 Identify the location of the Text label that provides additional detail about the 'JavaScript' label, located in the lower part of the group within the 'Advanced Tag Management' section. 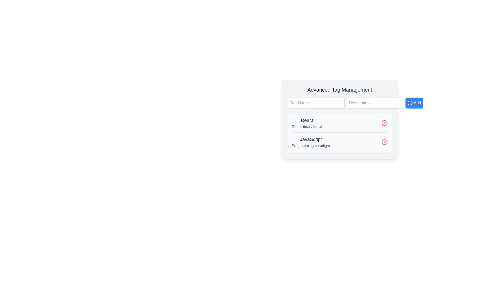
(311, 145).